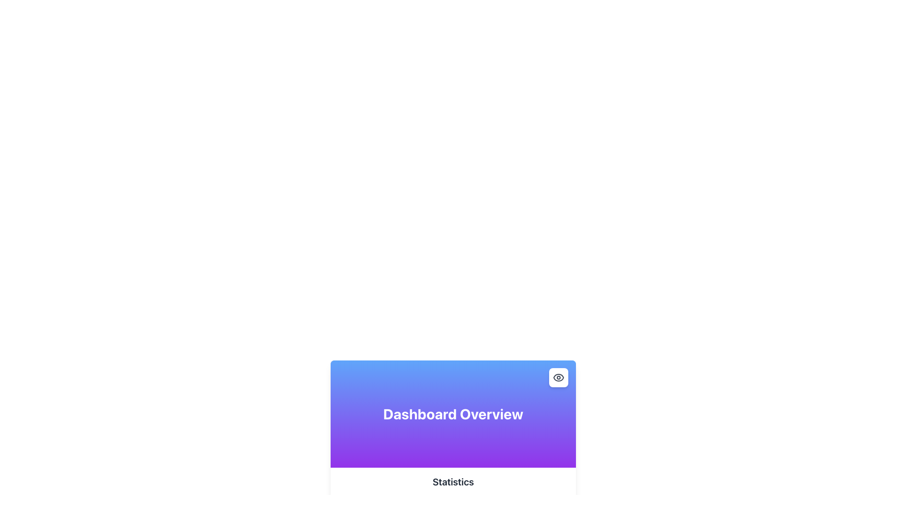 The width and height of the screenshot is (920, 517). Describe the element at coordinates (452, 413) in the screenshot. I see `the header text labeled 'Dashboard Overview', which is prominently displayed in white on a gradient background transitioning from blue to purple` at that location.